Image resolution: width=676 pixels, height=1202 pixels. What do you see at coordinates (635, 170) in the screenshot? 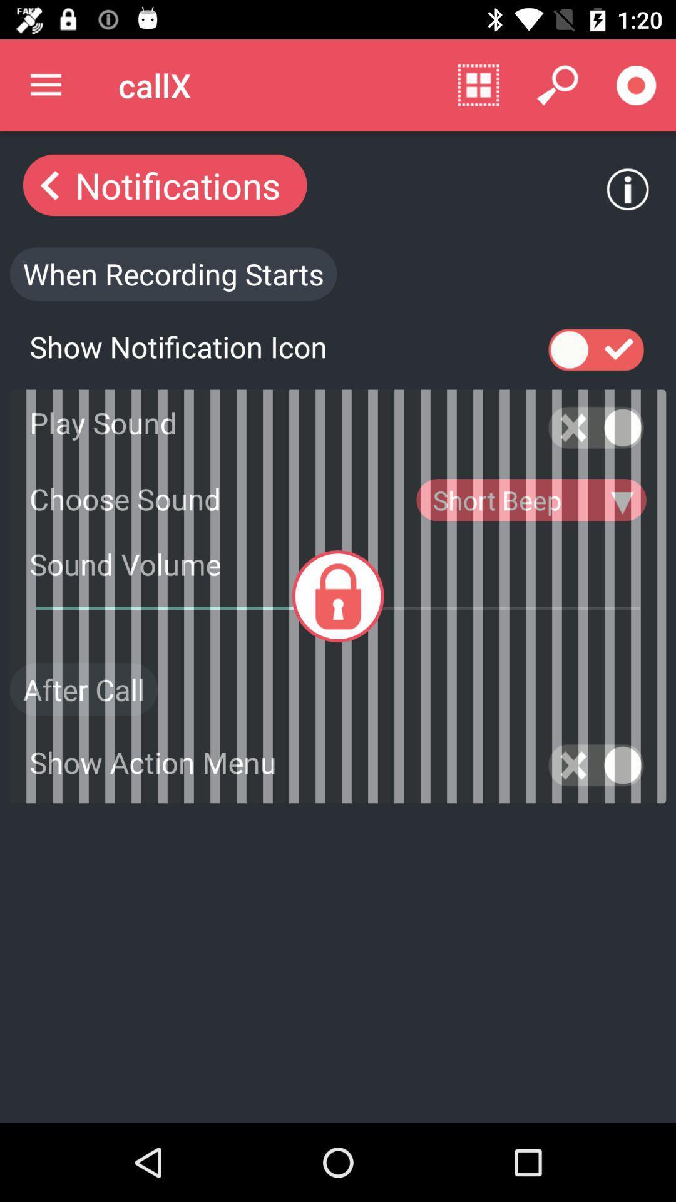
I see `the info icon` at bounding box center [635, 170].